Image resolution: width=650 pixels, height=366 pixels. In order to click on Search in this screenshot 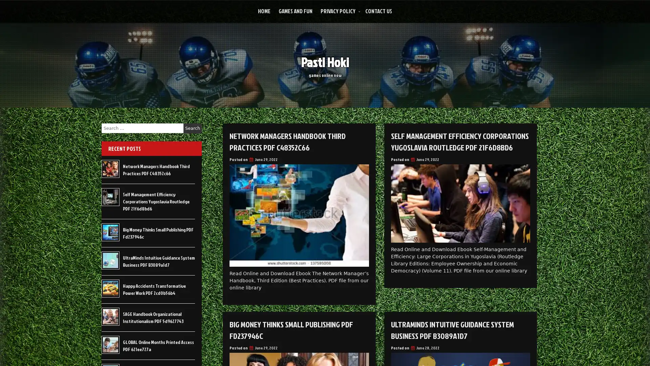, I will do `click(192, 128)`.